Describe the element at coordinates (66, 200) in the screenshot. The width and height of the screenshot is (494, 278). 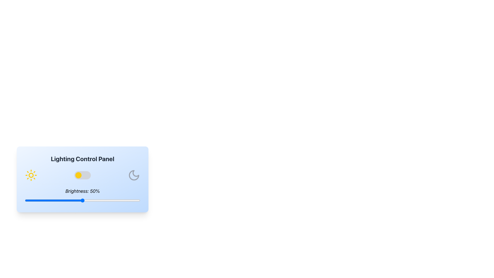
I see `the brightness level` at that location.